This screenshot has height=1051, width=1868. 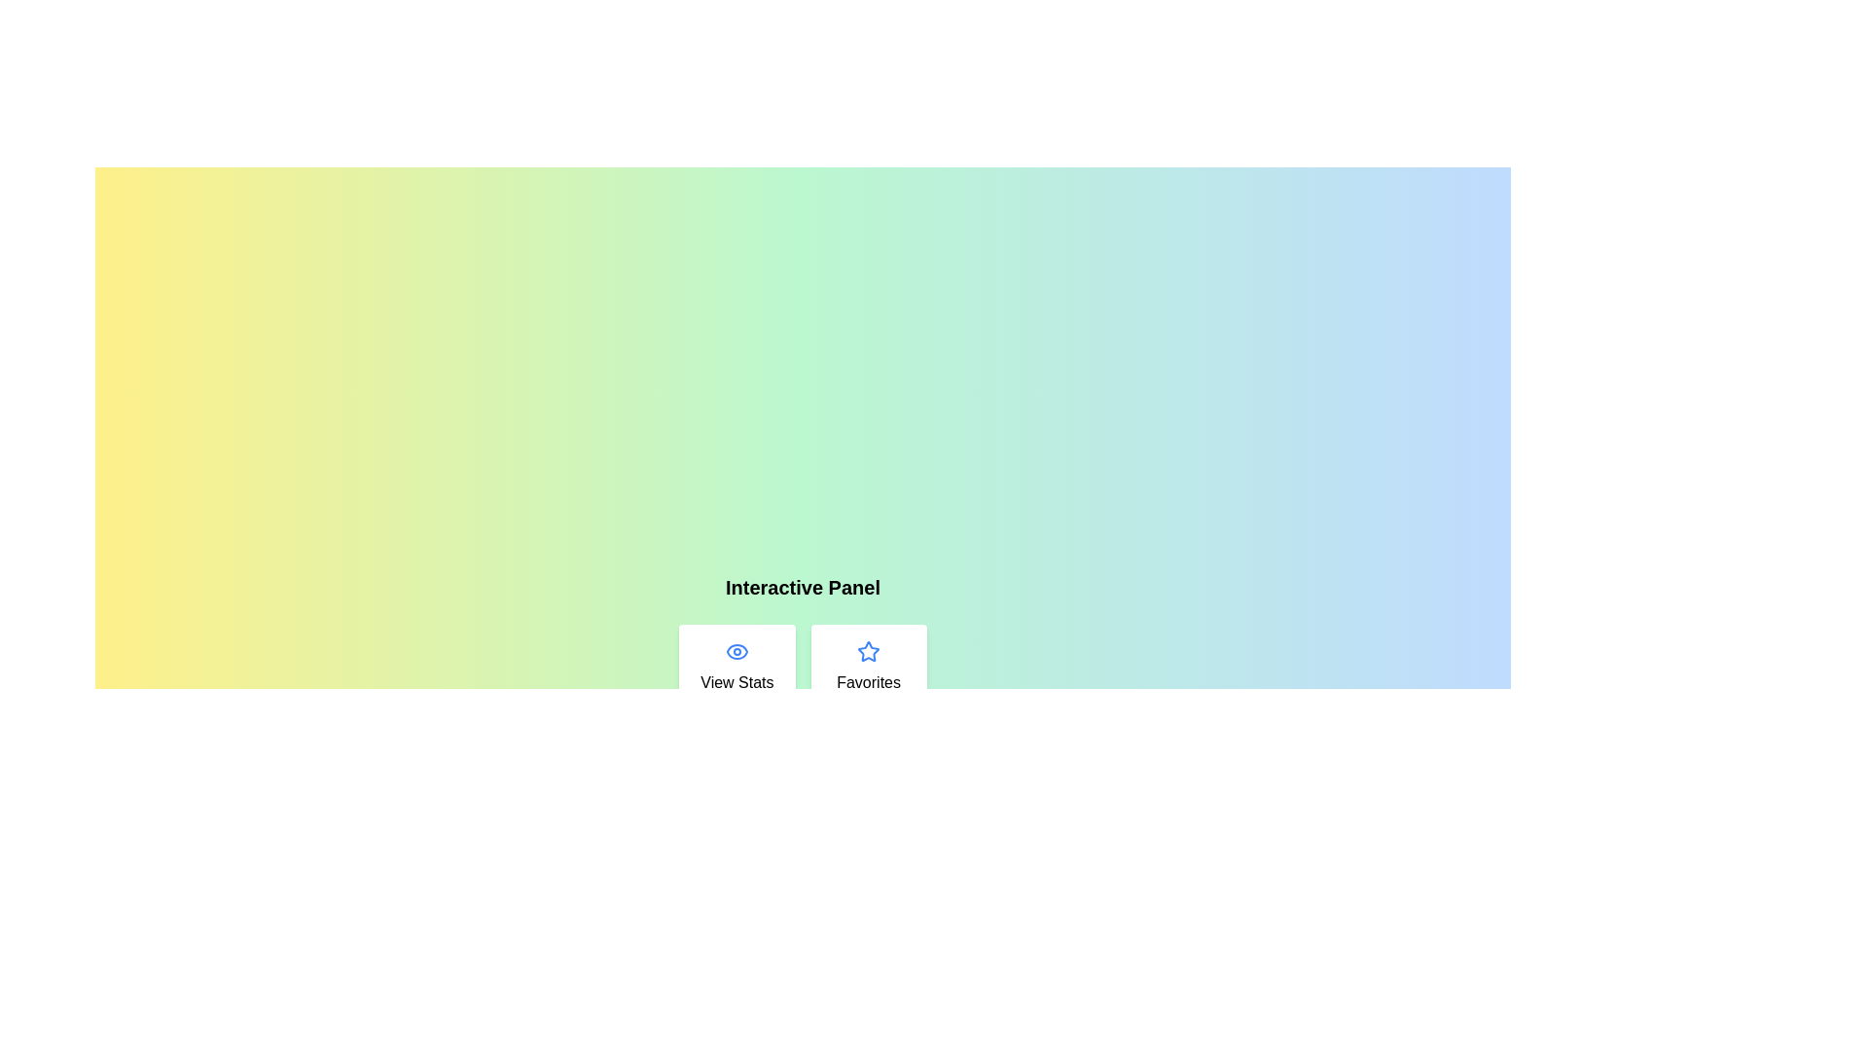 I want to click on the 'Favorites' text label, so click(x=867, y=682).